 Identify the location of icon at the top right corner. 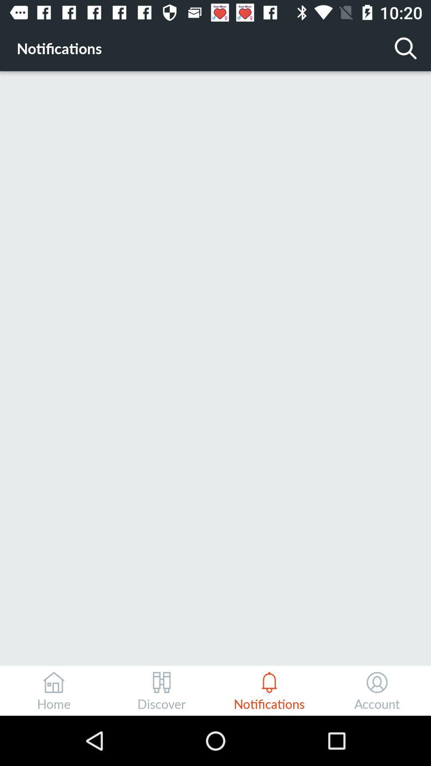
(406, 47).